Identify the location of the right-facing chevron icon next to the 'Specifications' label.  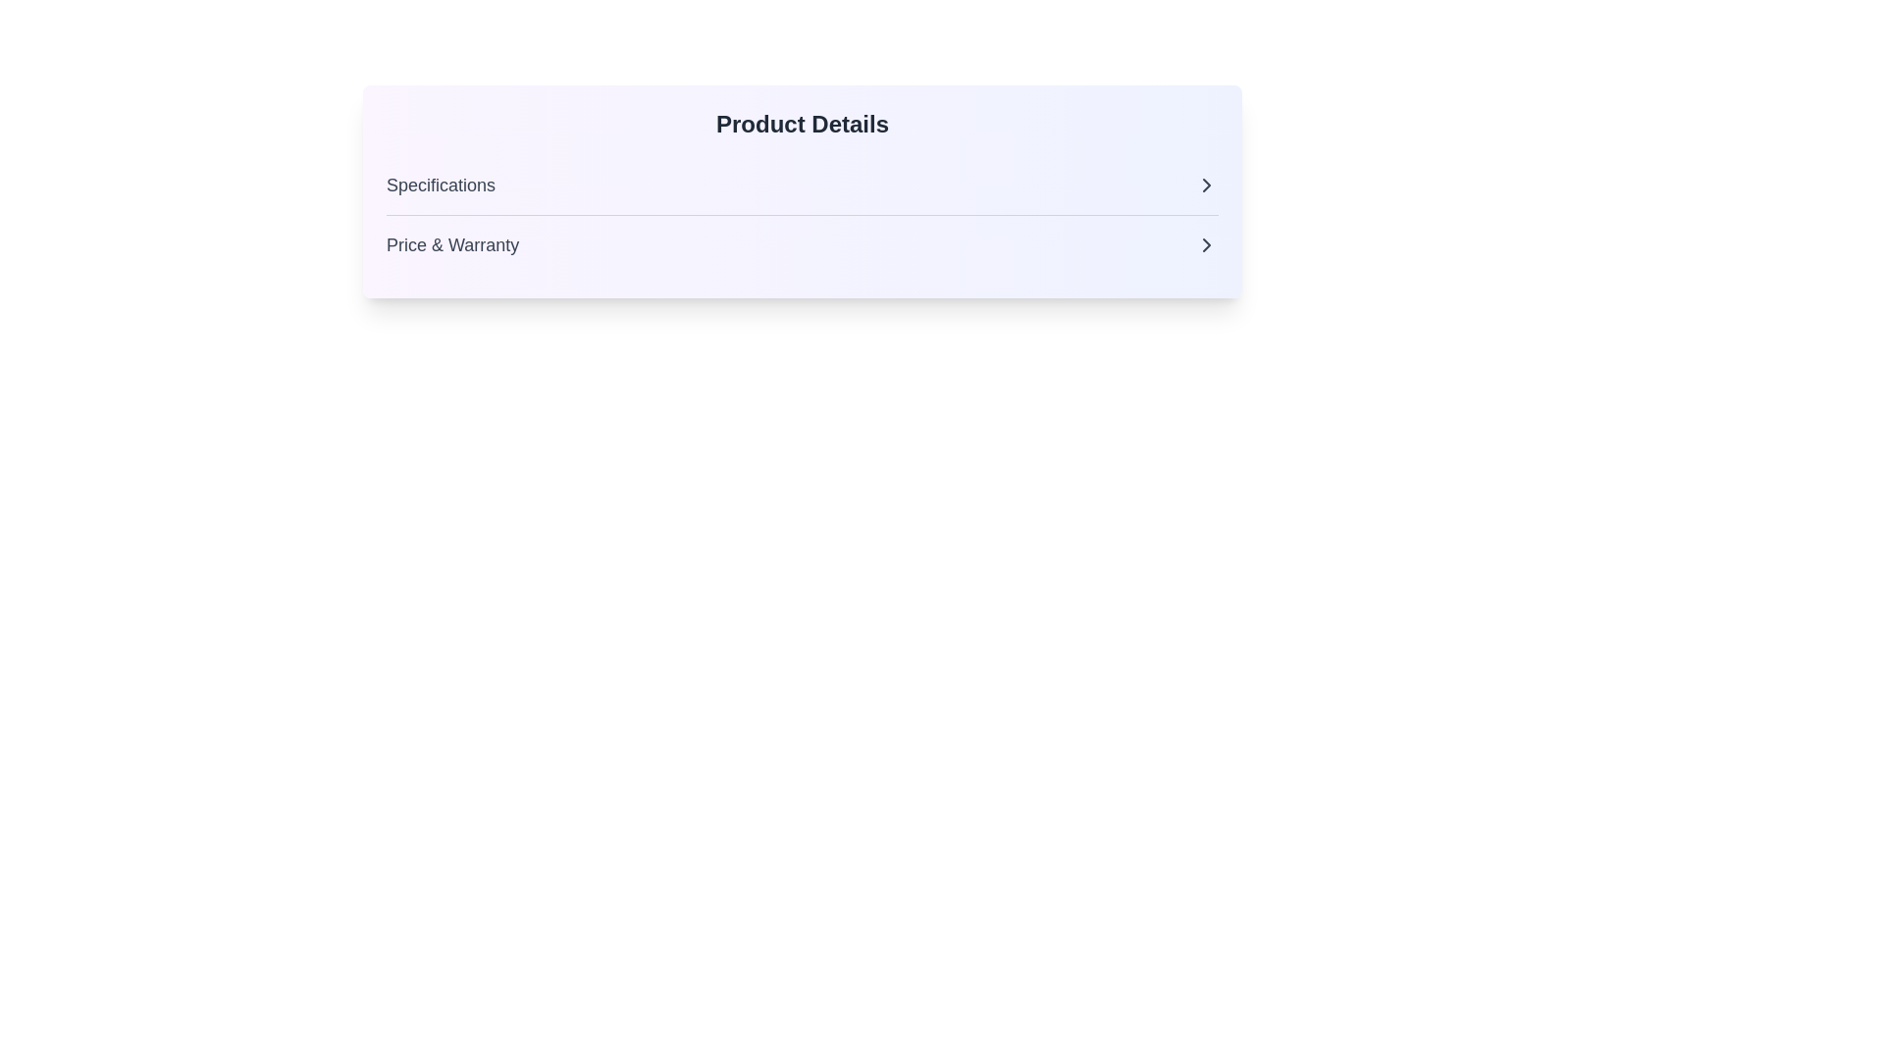
(1205, 185).